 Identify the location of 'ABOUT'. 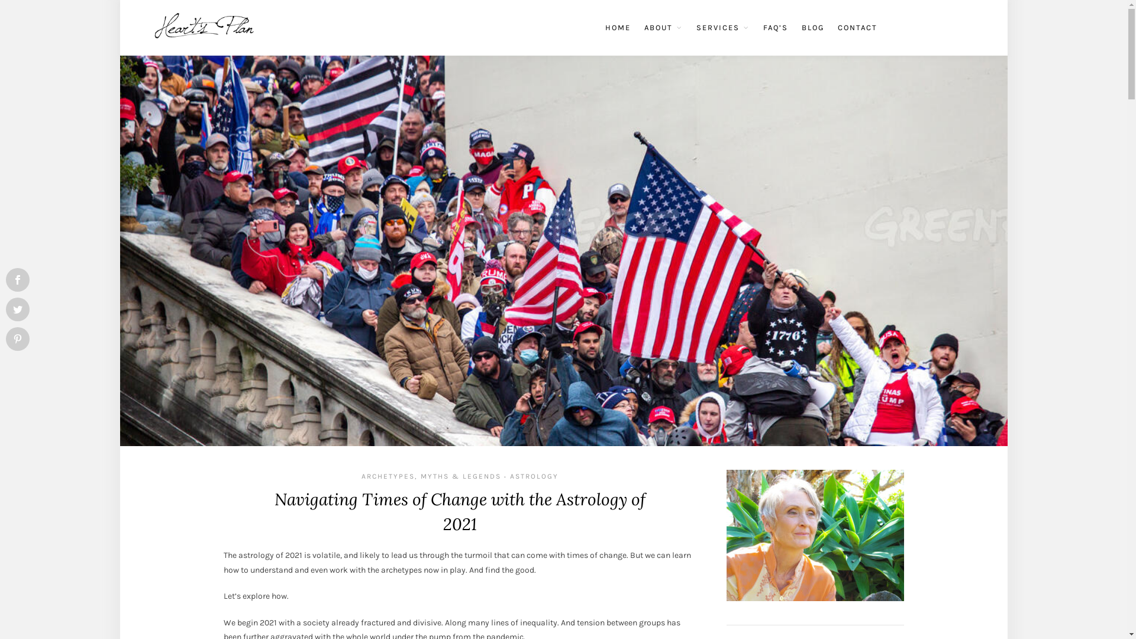
(663, 27).